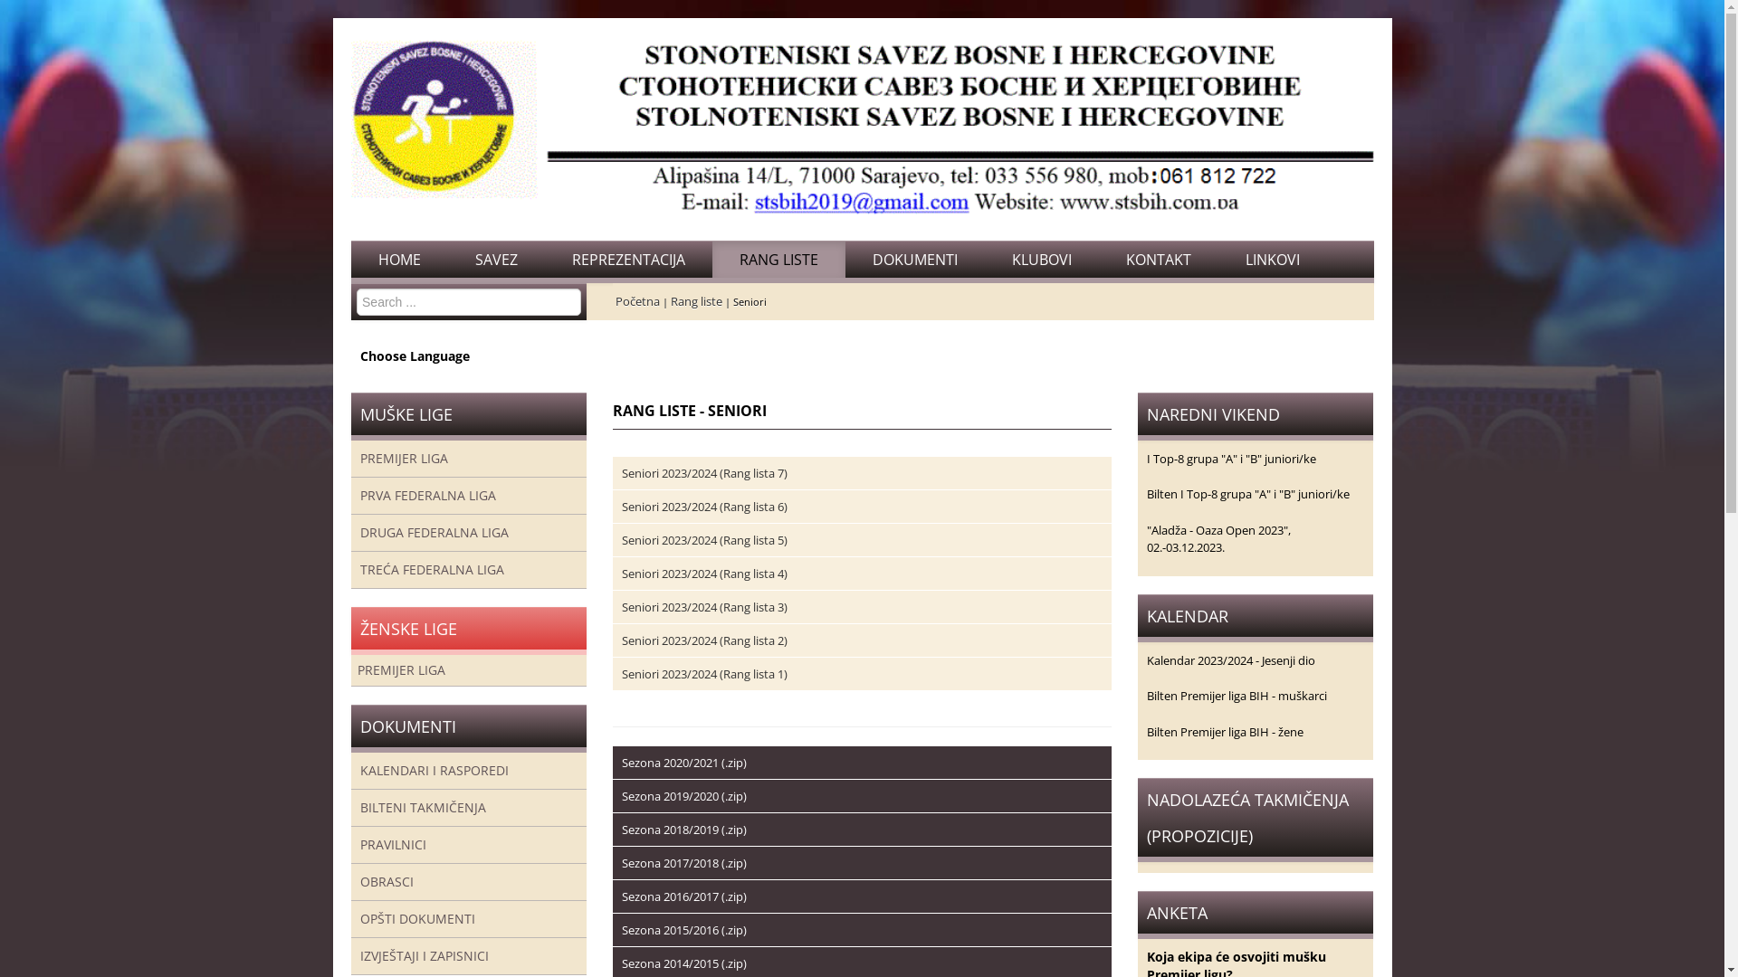 The image size is (1738, 977). I want to click on 'Seniori 2023/2024 (Rang lista 3)', so click(703, 607).